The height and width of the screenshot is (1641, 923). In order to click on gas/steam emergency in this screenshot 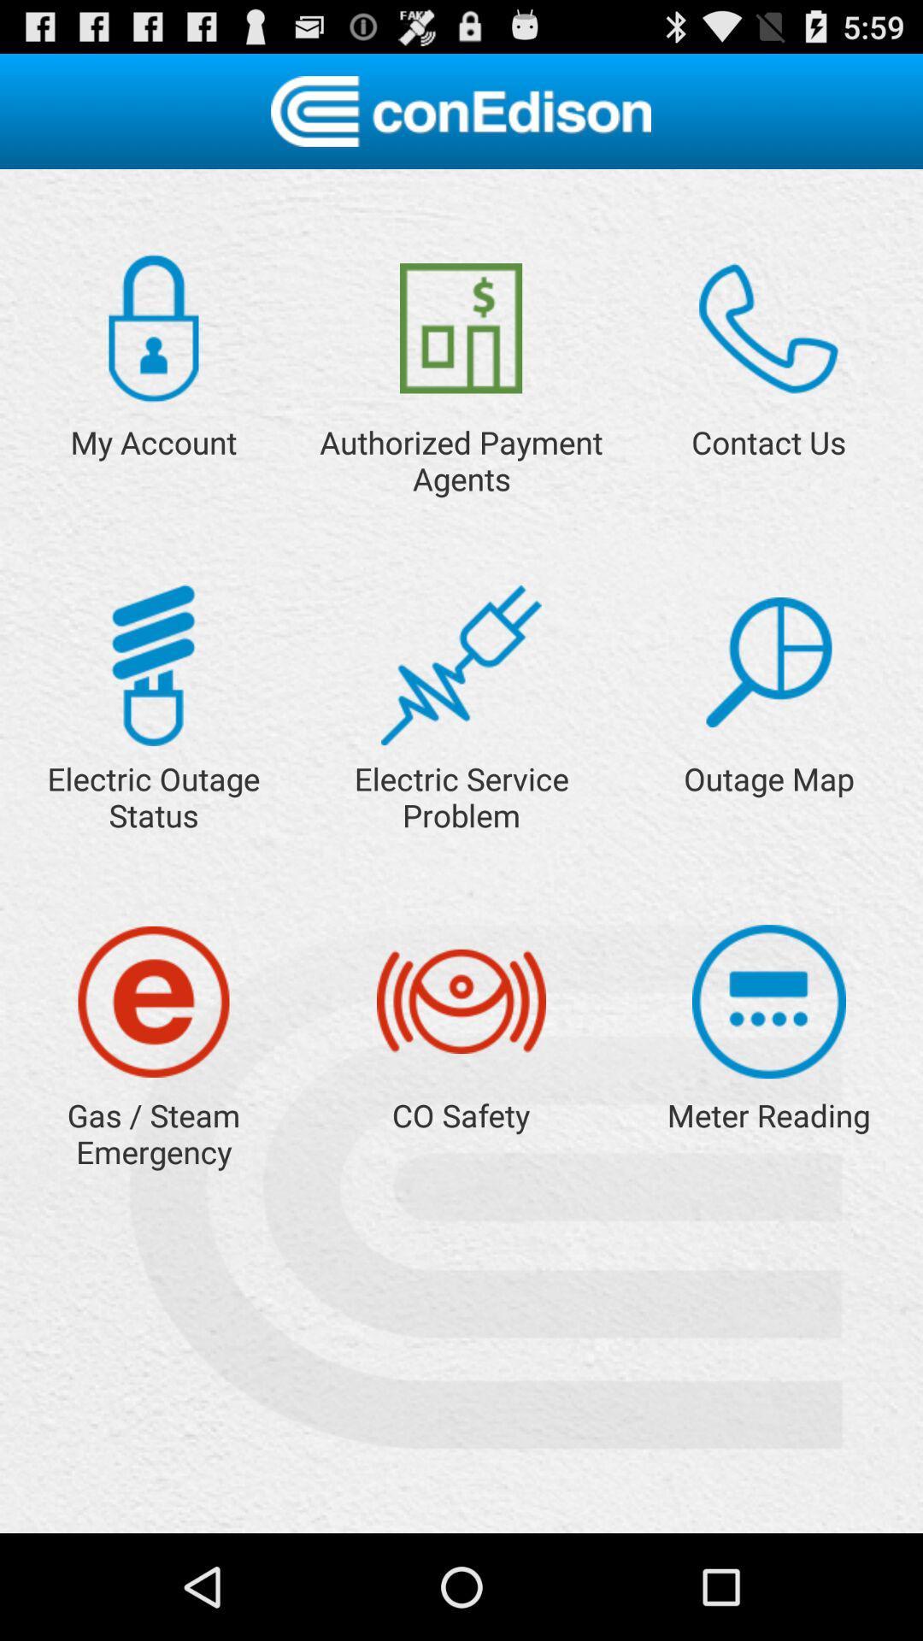, I will do `click(154, 1002)`.